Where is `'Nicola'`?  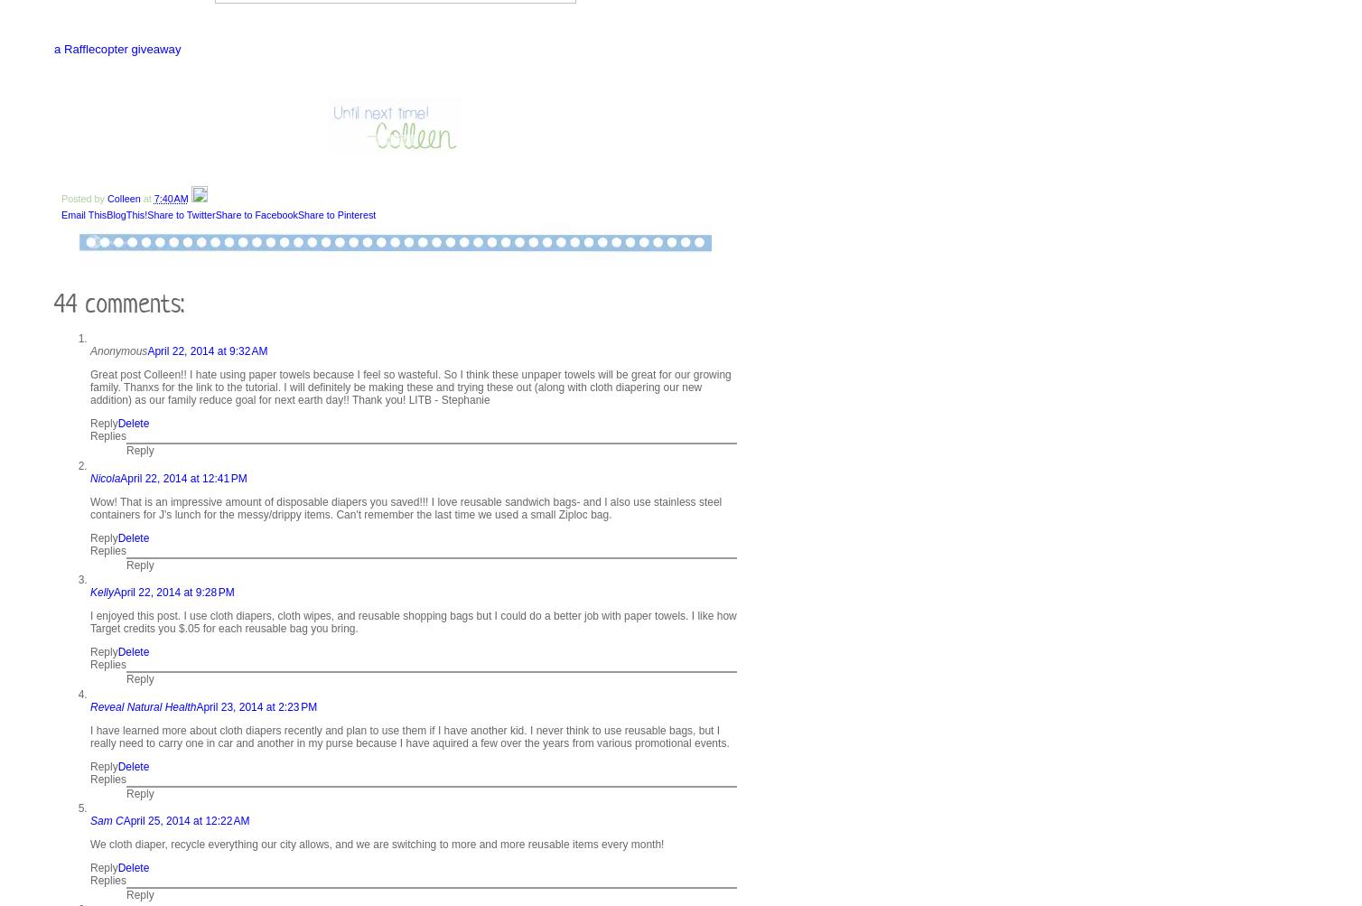
'Nicola' is located at coordinates (89, 476).